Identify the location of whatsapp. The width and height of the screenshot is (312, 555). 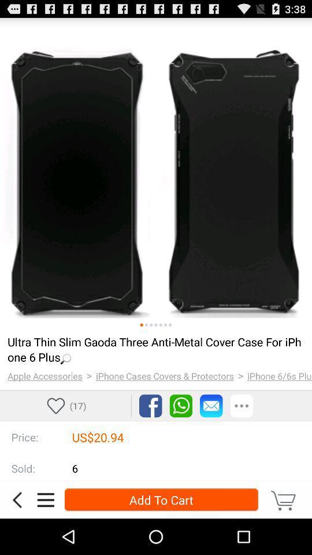
(181, 406).